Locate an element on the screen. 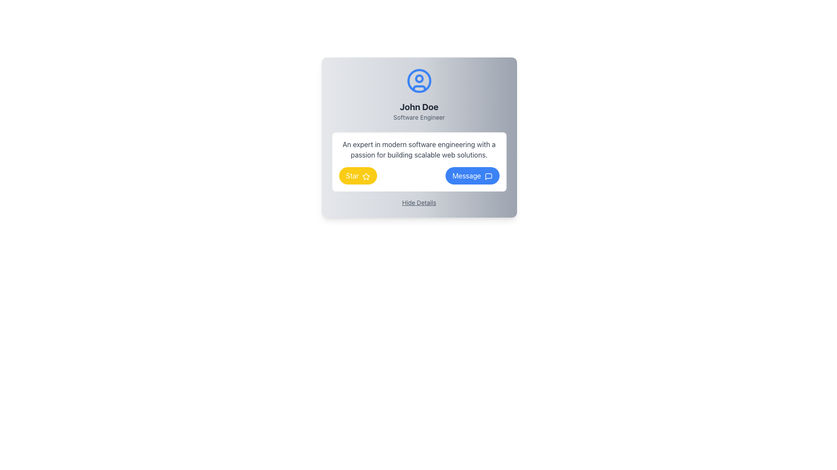  the star icon located within the button labeled 'Star' to interact with it is located at coordinates (366, 176).